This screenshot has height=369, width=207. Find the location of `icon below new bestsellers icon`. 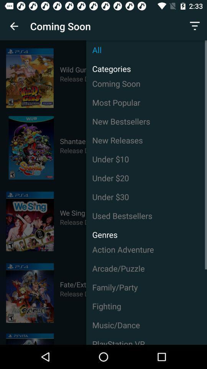

icon below new bestsellers icon is located at coordinates (146, 140).